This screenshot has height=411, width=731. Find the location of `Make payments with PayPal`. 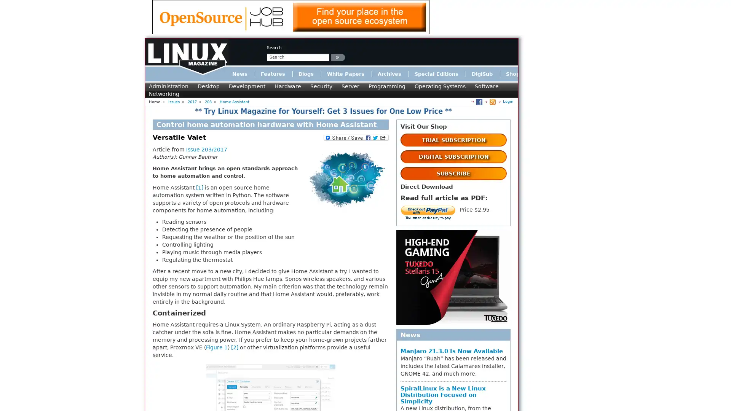

Make payments with PayPal is located at coordinates (428, 213).